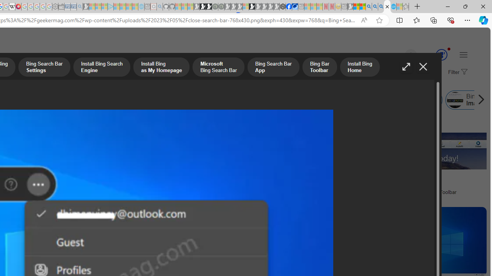 This screenshot has height=276, width=492. What do you see at coordinates (463, 54) in the screenshot?
I see `'Settings and quick links'` at bounding box center [463, 54].